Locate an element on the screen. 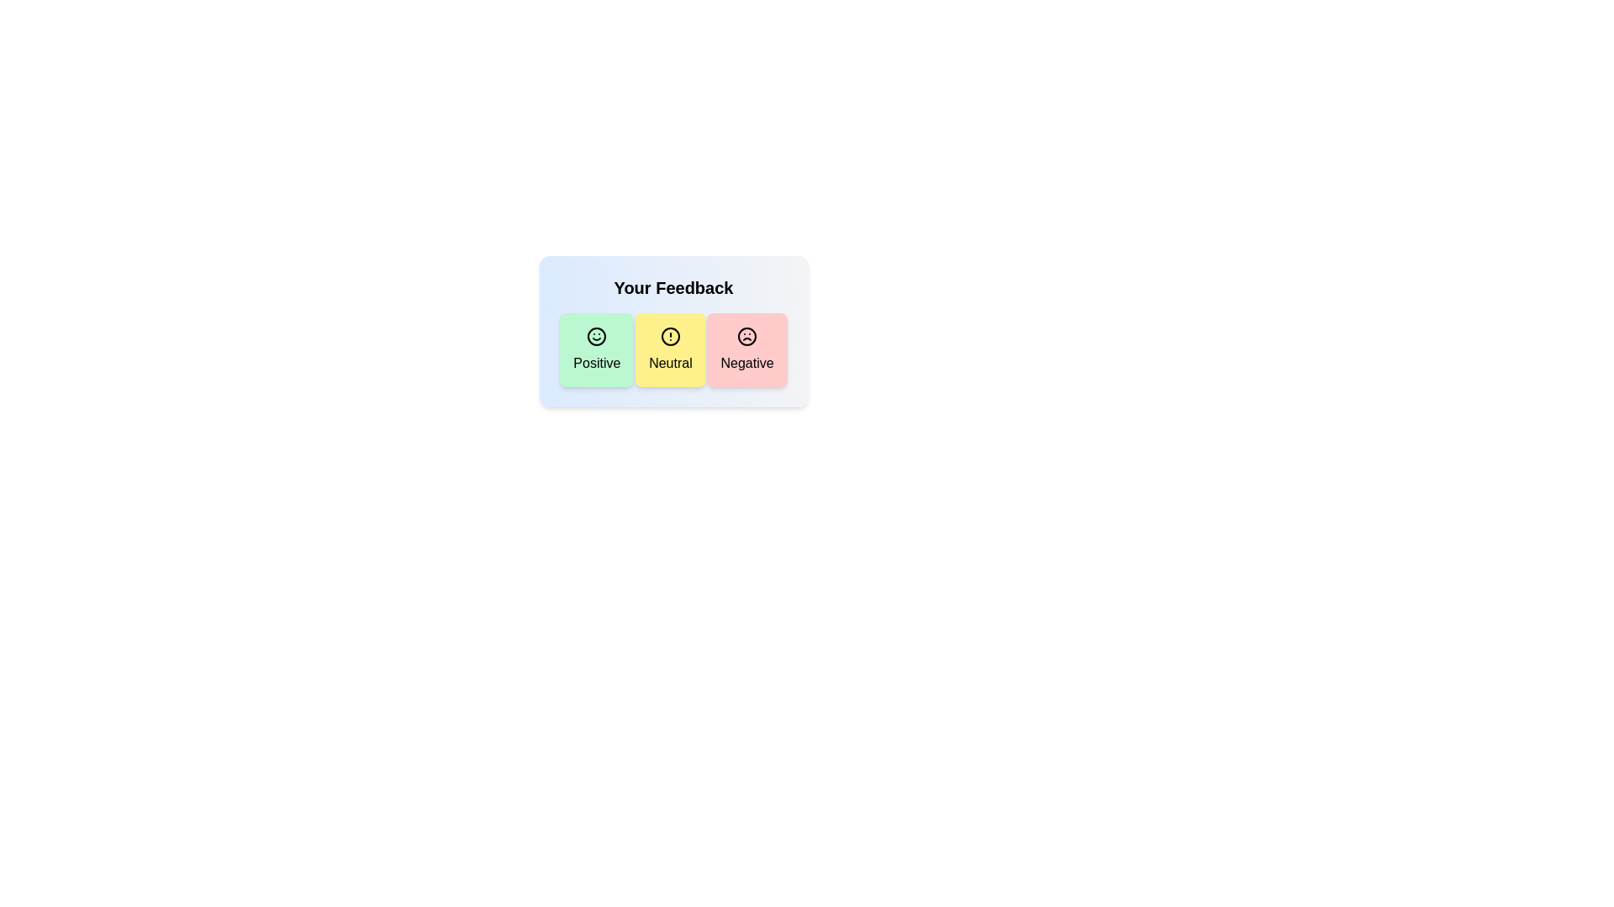 The width and height of the screenshot is (1614, 907). the leftmost button with a soft green background and a smiley face icon labeled 'Positive' is located at coordinates (597, 349).